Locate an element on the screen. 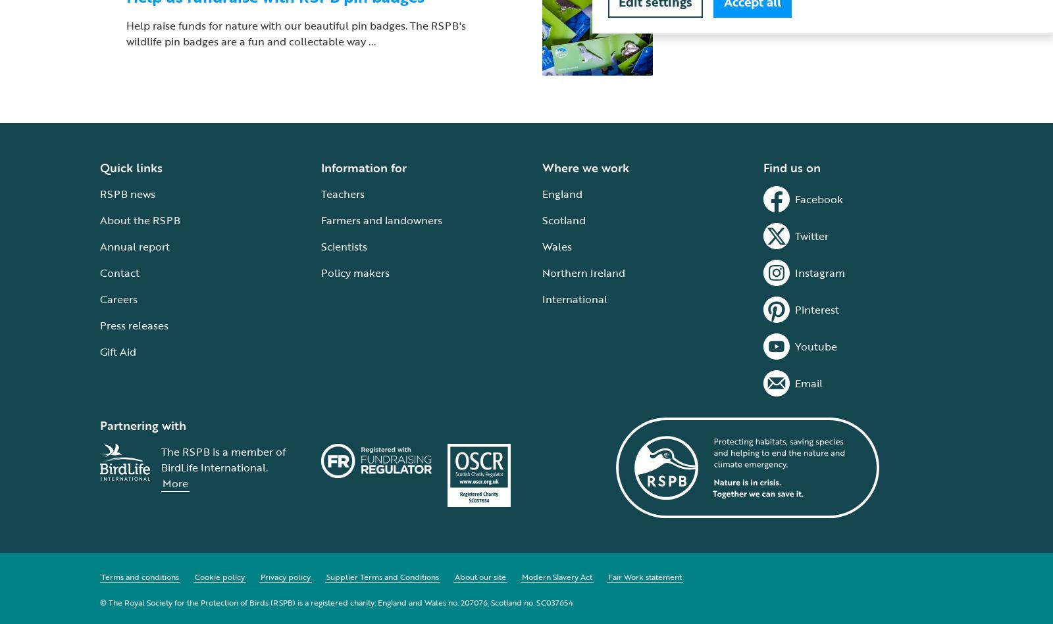 This screenshot has height=624, width=1053. 'Northern Ireland' is located at coordinates (542, 272).